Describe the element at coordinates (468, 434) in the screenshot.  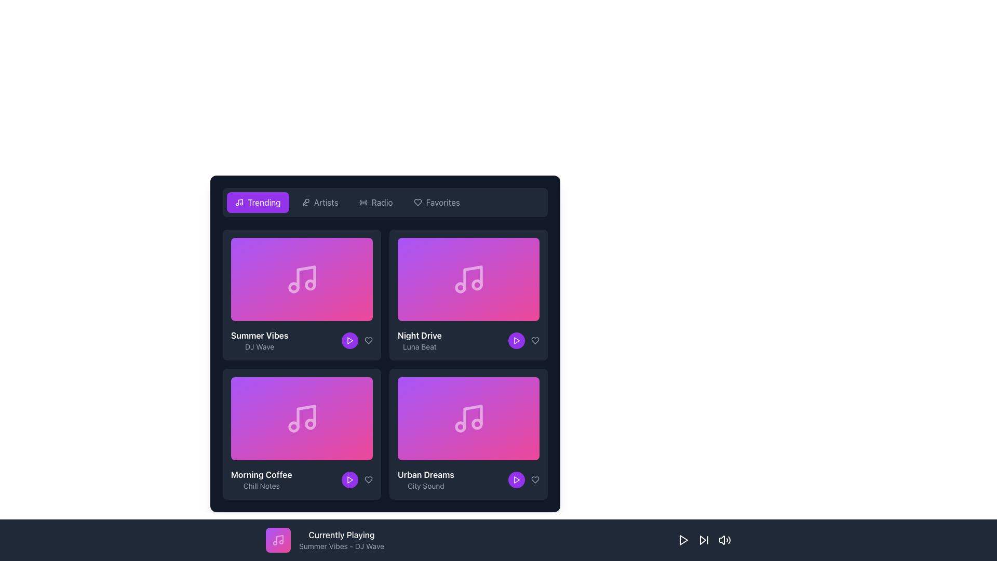
I see `the 'Urban Dreams' music card located` at that location.